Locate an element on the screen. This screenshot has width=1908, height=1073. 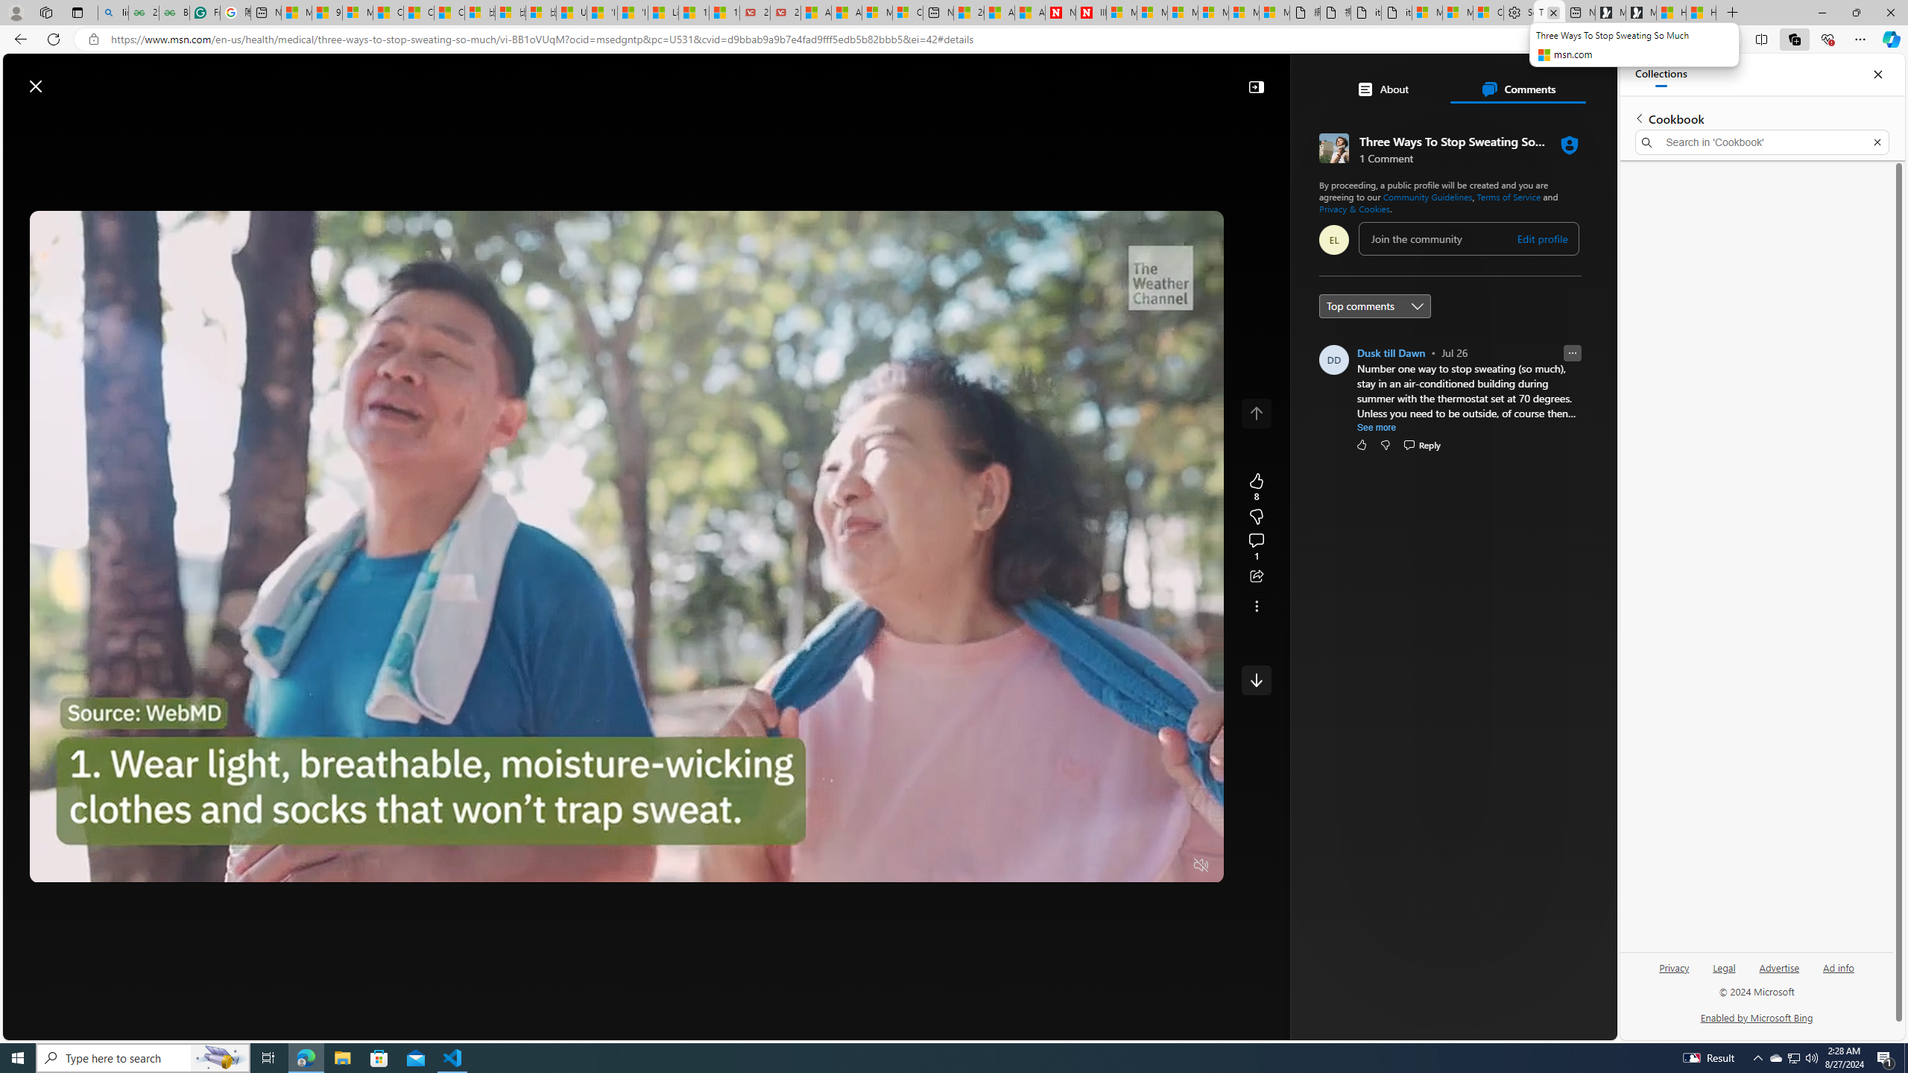
'Edit profile' is located at coordinates (1541, 238).